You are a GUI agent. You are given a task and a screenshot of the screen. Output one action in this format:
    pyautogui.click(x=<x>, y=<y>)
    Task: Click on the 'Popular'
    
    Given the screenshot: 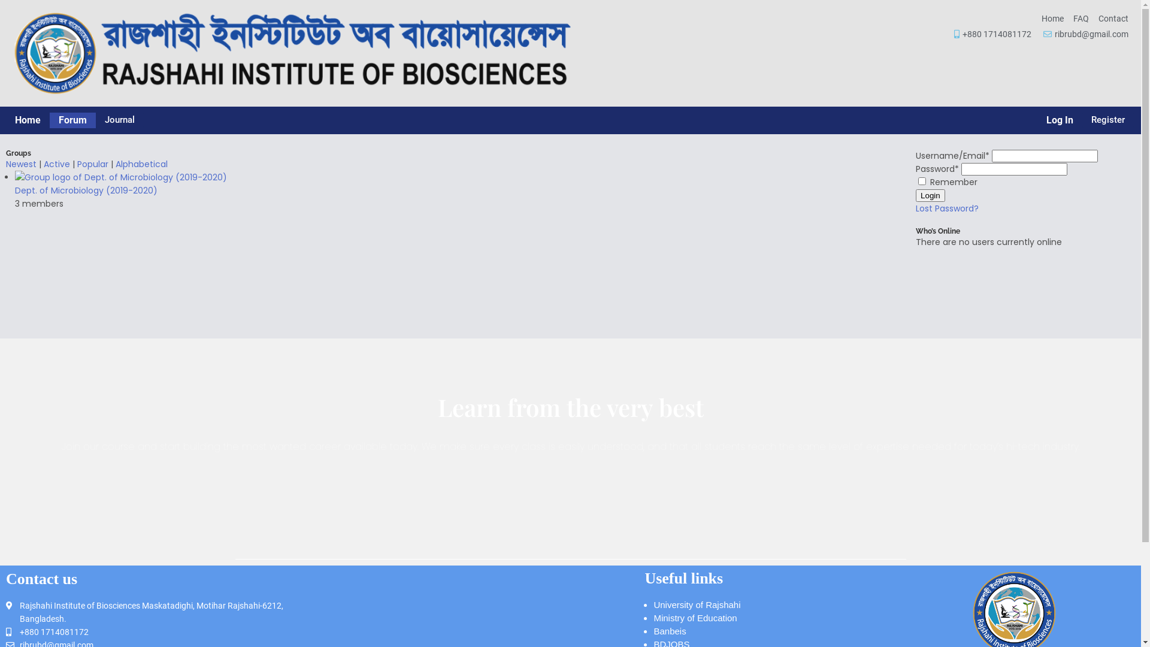 What is the action you would take?
    pyautogui.click(x=92, y=164)
    